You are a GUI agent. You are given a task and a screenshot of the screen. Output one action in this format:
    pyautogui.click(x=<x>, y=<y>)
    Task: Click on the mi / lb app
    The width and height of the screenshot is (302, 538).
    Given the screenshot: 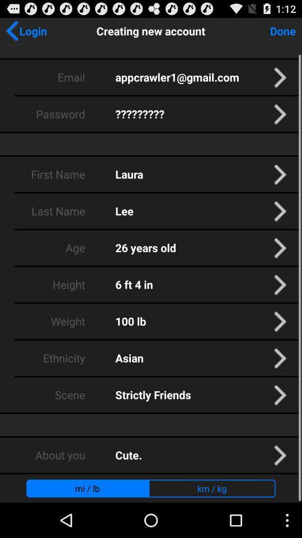 What is the action you would take?
    pyautogui.click(x=87, y=488)
    